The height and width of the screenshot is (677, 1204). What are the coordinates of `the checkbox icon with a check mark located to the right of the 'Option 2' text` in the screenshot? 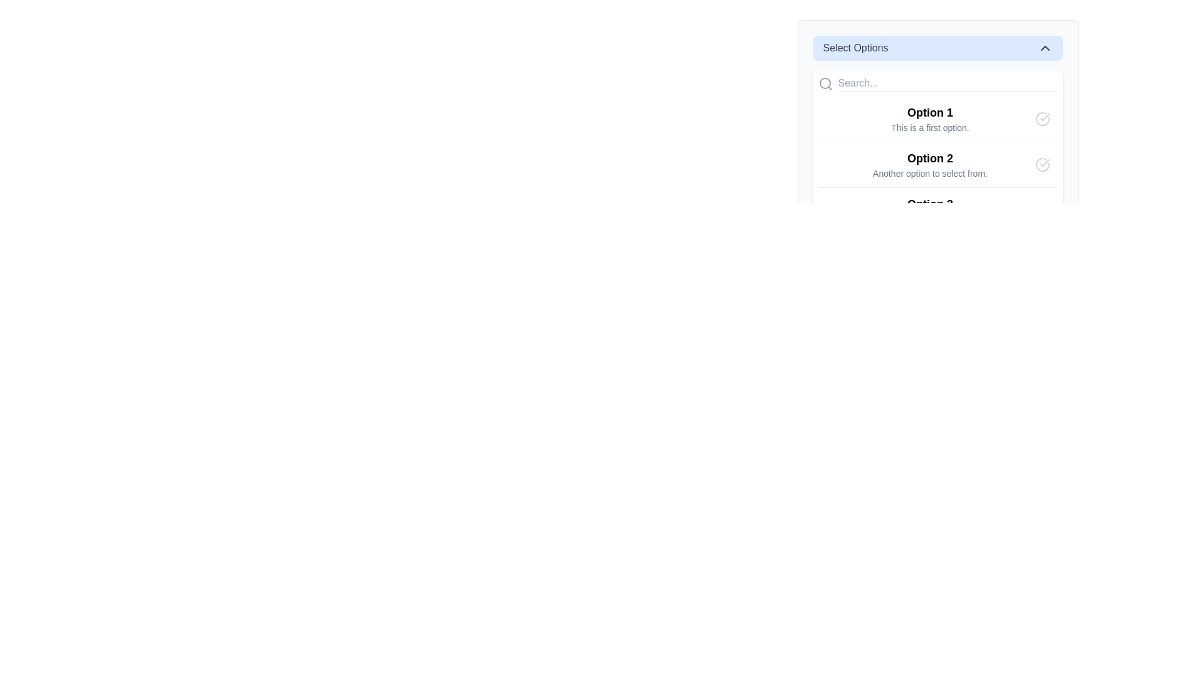 It's located at (1042, 164).